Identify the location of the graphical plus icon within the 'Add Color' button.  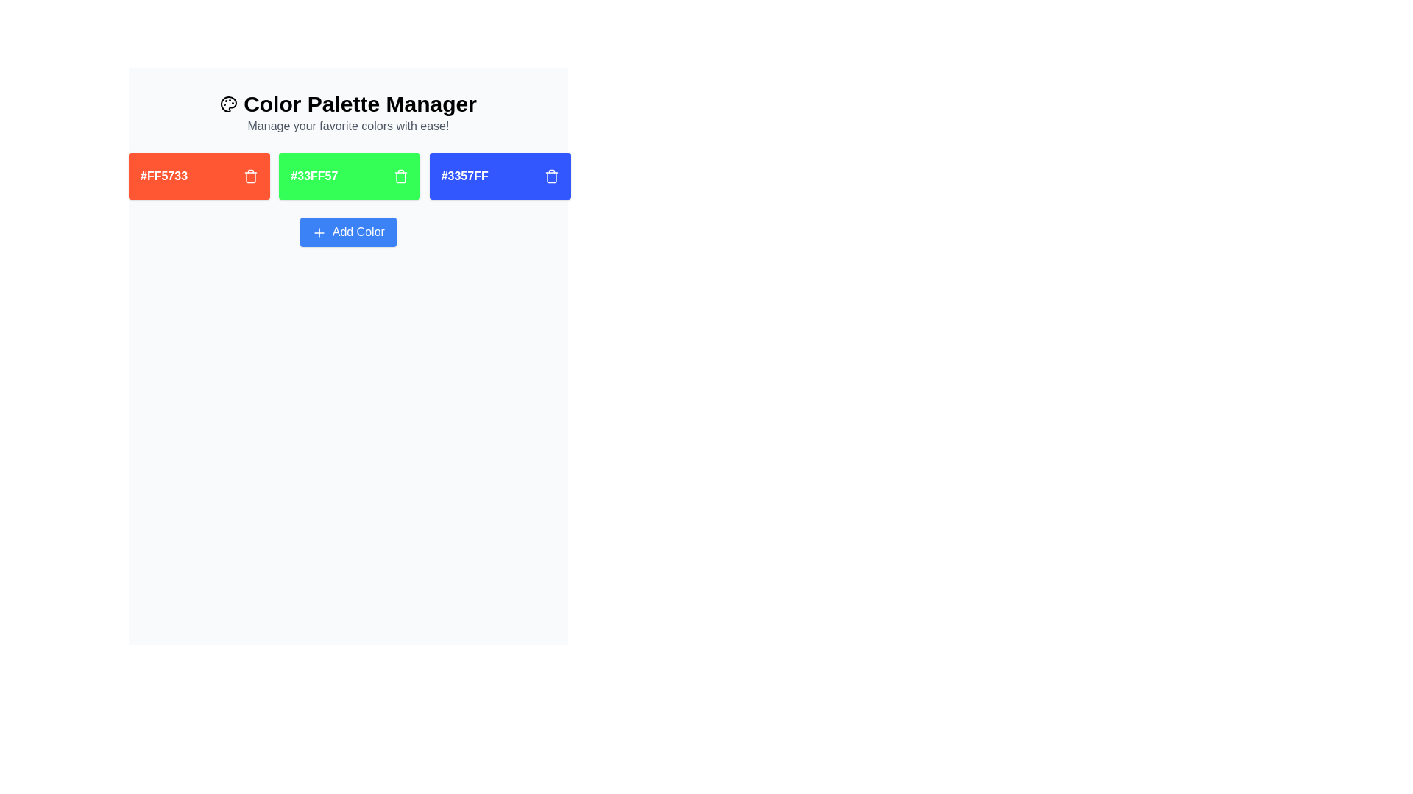
(319, 232).